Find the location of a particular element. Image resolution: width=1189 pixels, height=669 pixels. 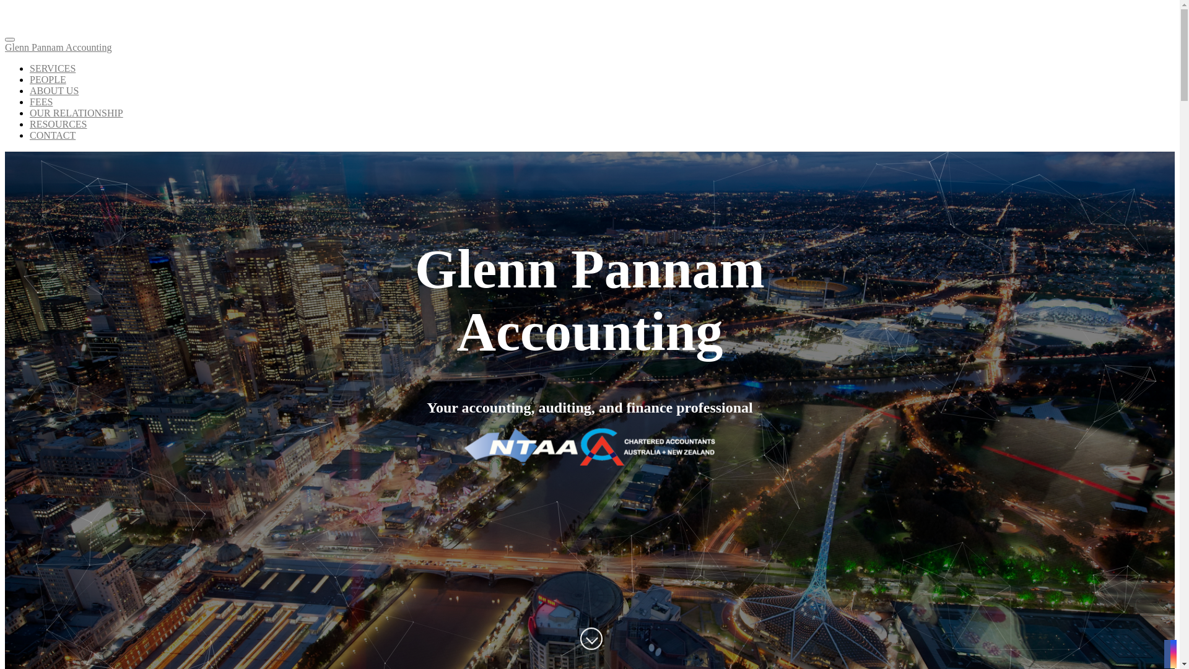

'ABOUT US' is located at coordinates (53, 90).